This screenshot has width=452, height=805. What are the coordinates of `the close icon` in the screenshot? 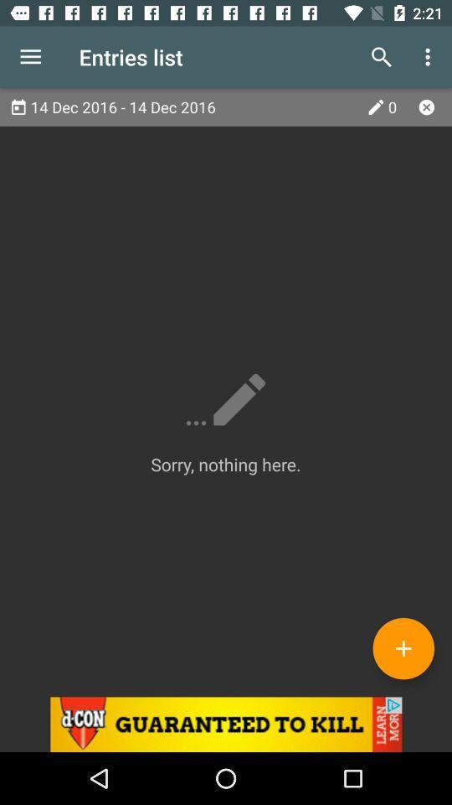 It's located at (426, 106).